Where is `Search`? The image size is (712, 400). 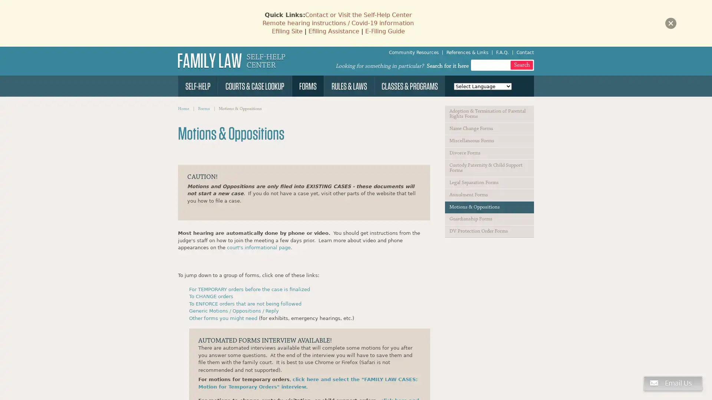
Search is located at coordinates (521, 65).